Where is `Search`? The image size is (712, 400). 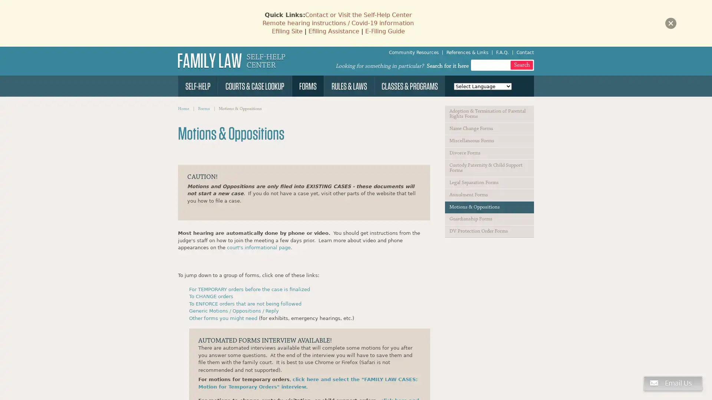
Search is located at coordinates (521, 65).